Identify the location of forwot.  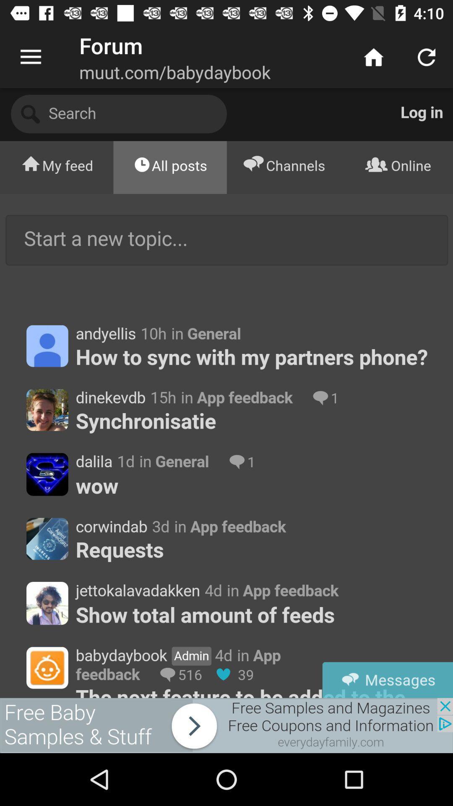
(226, 725).